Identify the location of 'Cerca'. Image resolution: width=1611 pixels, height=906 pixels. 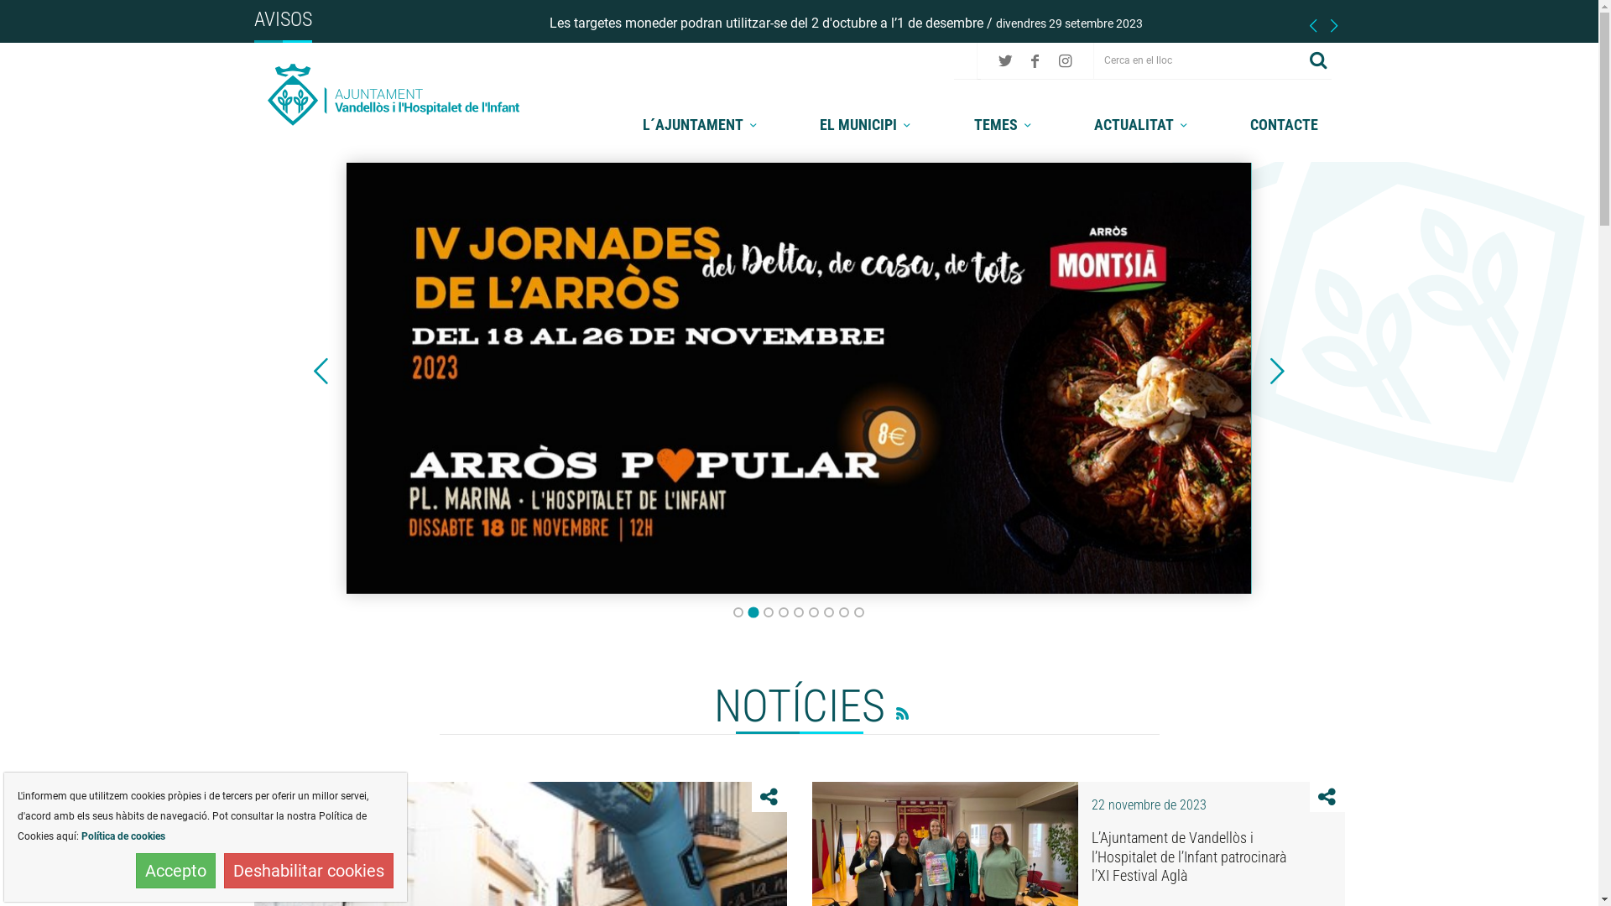
(1317, 59).